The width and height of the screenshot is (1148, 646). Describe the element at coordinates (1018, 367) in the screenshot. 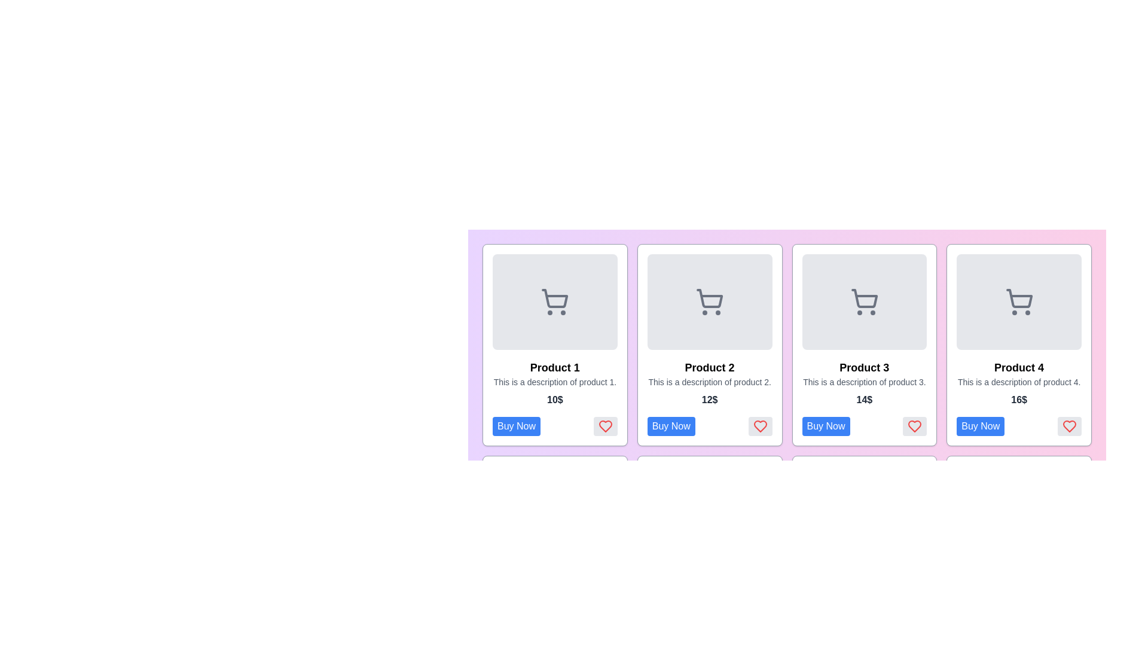

I see `the bold-styled text label displaying 'Product 4', which is positioned in the fourth card of a four-card grid, located directly below the image placeholder` at that location.